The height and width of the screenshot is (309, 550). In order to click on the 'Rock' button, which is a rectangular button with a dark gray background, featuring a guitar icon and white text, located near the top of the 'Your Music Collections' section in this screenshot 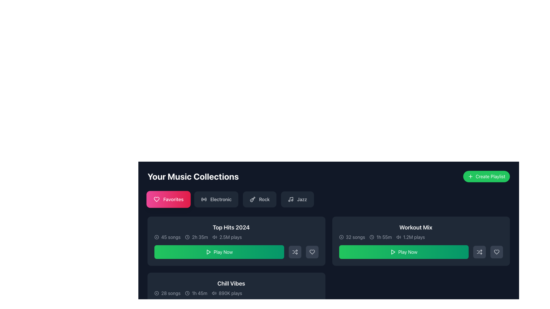, I will do `click(259, 199)`.